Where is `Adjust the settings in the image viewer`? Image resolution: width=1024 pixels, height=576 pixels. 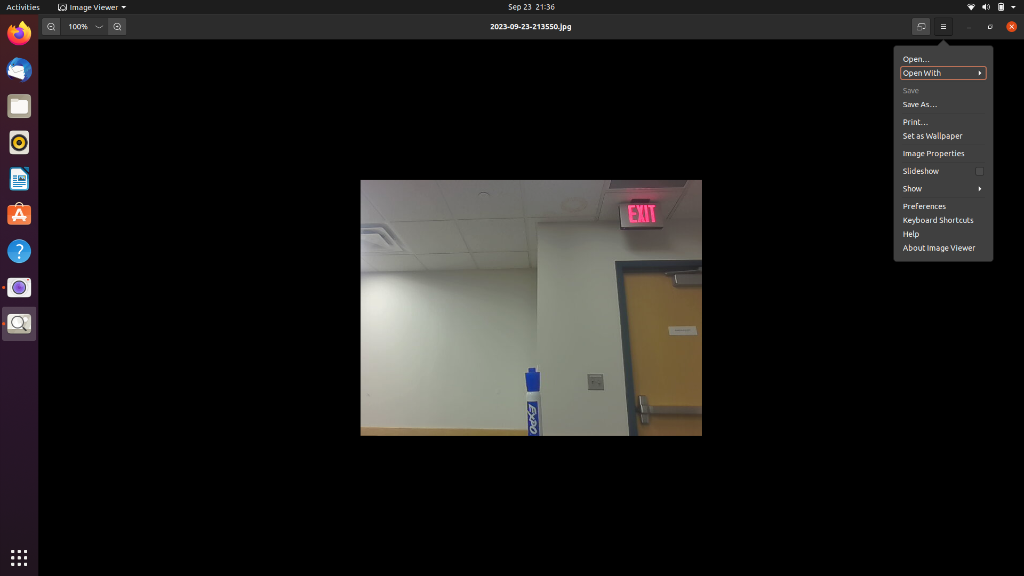 Adjust the settings in the image viewer is located at coordinates (939, 246).